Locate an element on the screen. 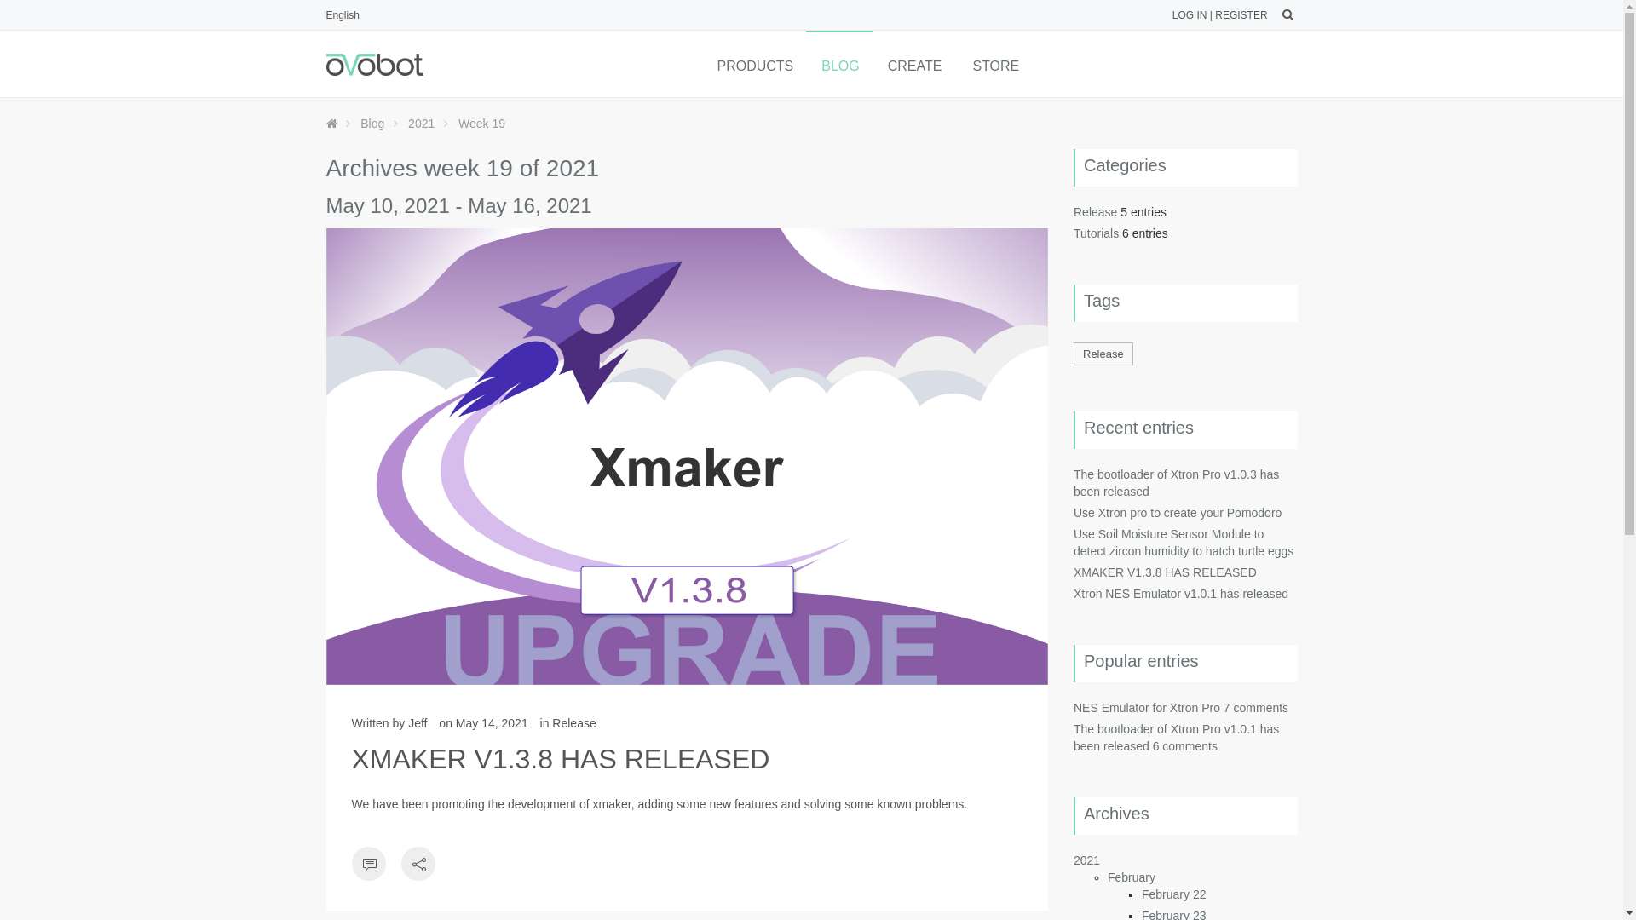 This screenshot has height=920, width=1636. 'Release' is located at coordinates (1072, 353).